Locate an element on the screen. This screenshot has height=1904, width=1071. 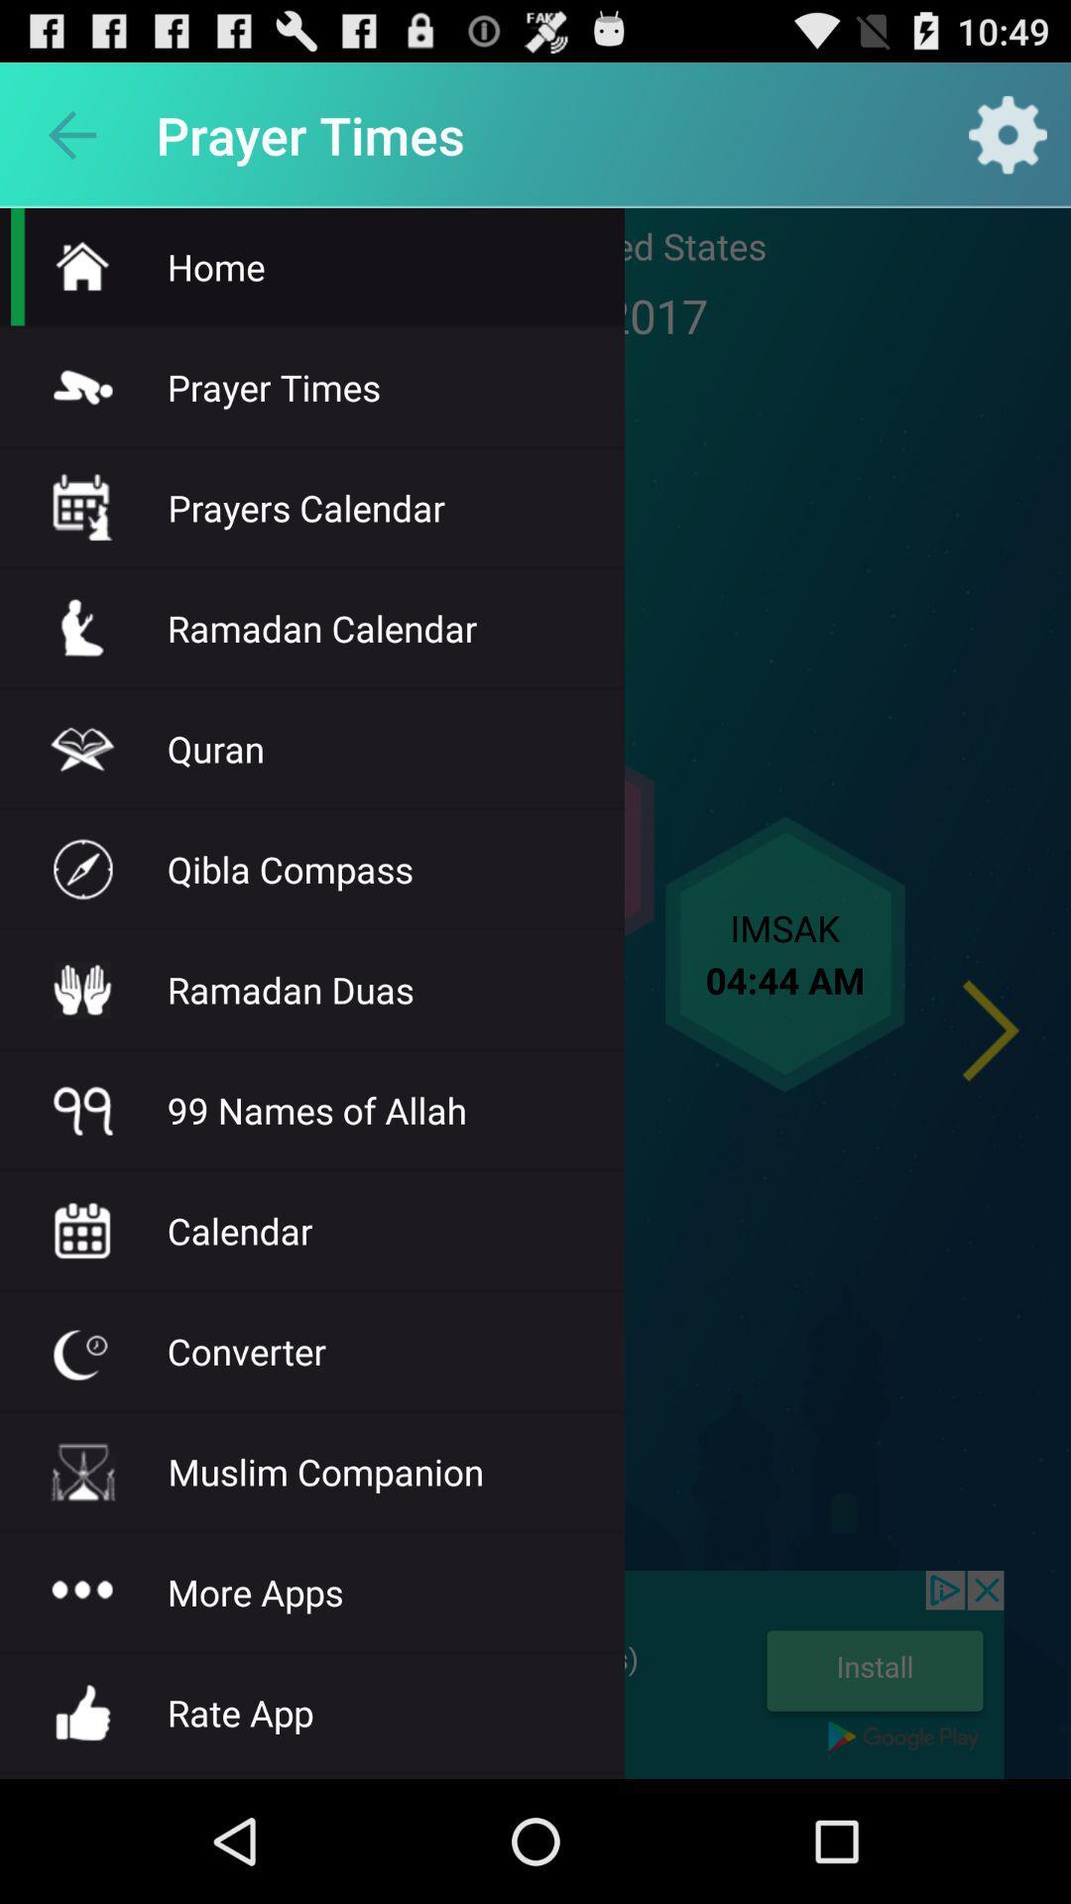
the arrow_forward icon is located at coordinates (991, 1102).